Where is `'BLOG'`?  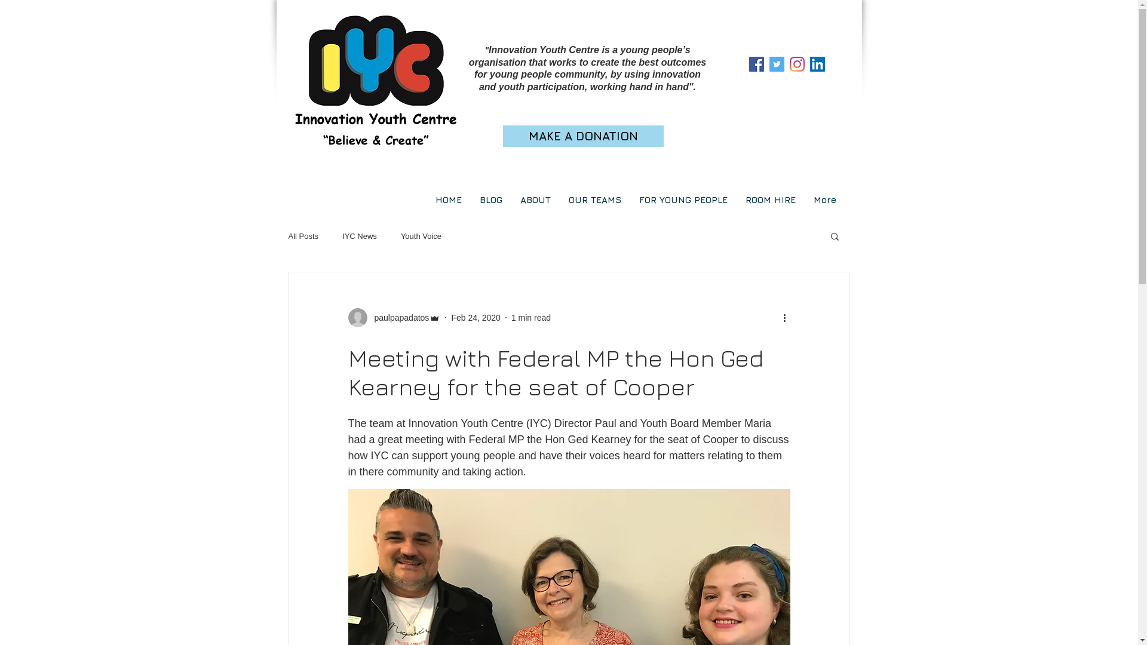 'BLOG' is located at coordinates (490, 197).